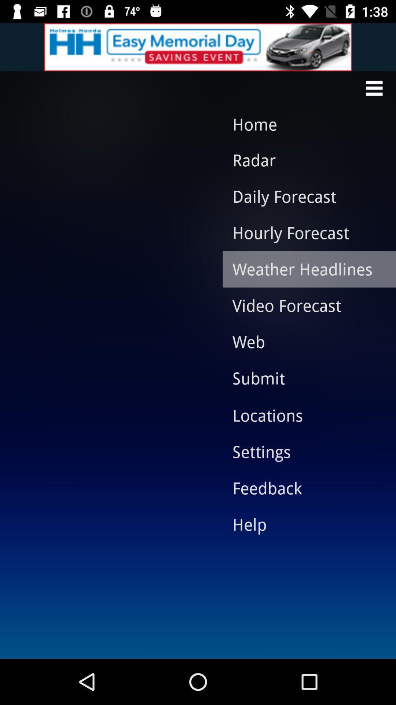  Describe the element at coordinates (198, 47) in the screenshot. I see `advertisement` at that location.